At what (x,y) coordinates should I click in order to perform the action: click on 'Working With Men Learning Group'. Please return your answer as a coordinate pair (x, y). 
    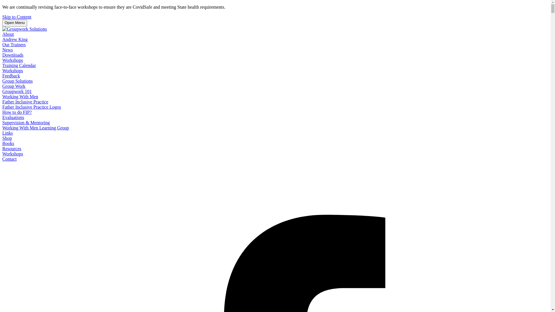
    Looking at the image, I should click on (35, 127).